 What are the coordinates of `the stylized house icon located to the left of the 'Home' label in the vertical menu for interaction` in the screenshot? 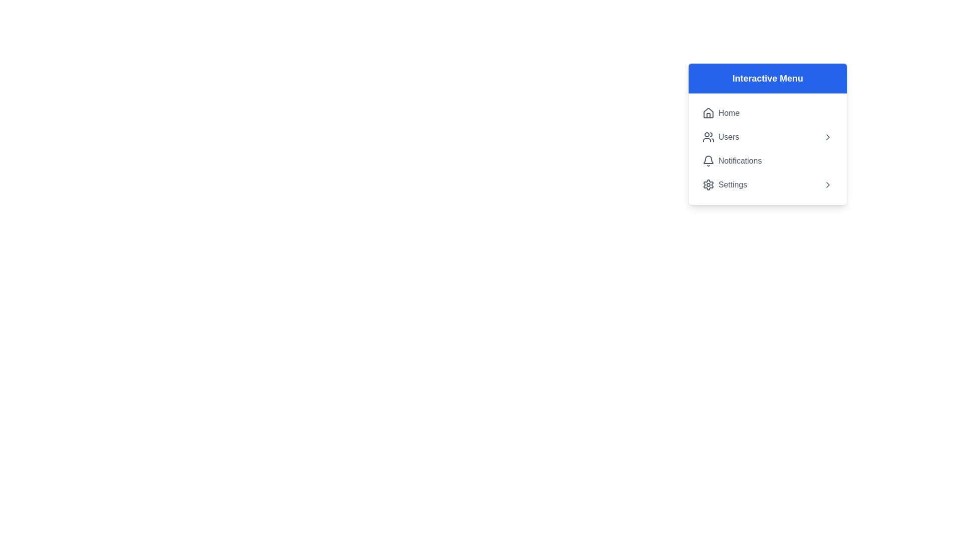 It's located at (708, 112).